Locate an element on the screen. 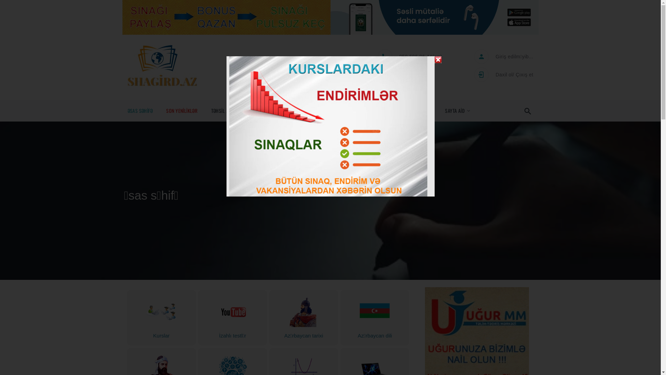 The image size is (666, 375). 'Logo' is located at coordinates (162, 66).